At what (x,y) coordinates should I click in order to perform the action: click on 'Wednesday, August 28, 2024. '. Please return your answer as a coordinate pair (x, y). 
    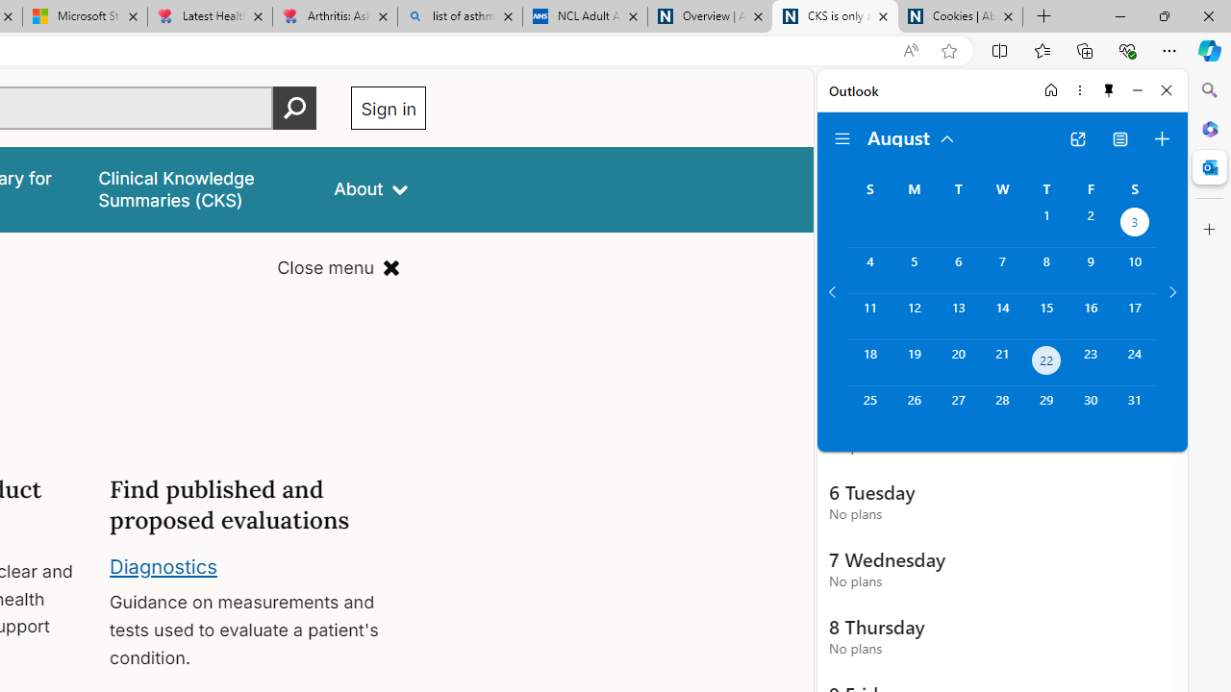
    Looking at the image, I should click on (1001, 408).